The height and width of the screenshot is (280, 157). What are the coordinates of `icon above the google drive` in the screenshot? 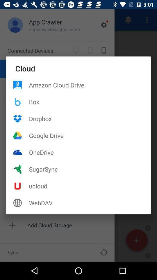 It's located at (90, 118).